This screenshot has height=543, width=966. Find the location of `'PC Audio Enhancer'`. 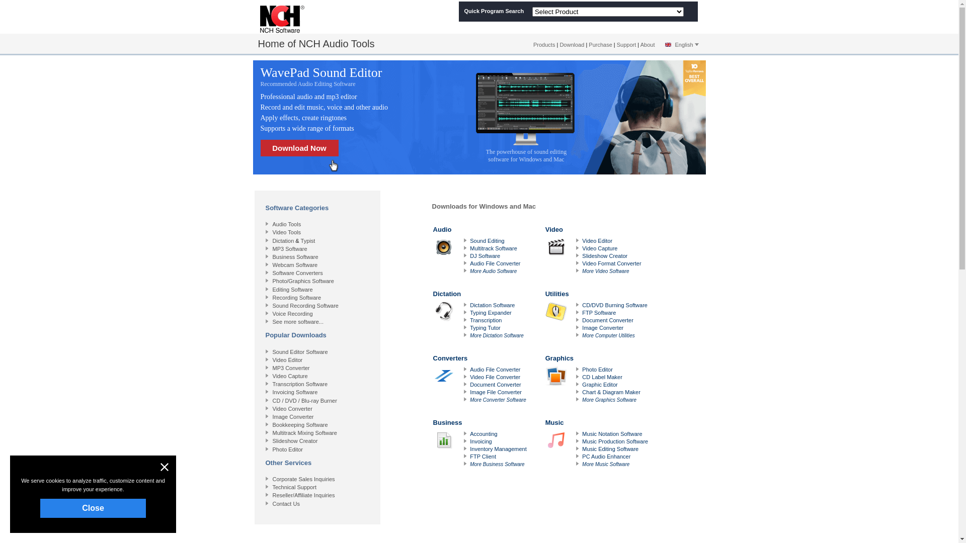

'PC Audio Enhancer' is located at coordinates (582, 456).